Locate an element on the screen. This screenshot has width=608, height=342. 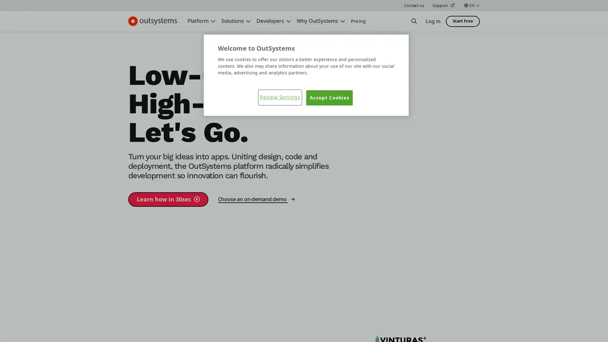
Open Search is located at coordinates (414, 21).